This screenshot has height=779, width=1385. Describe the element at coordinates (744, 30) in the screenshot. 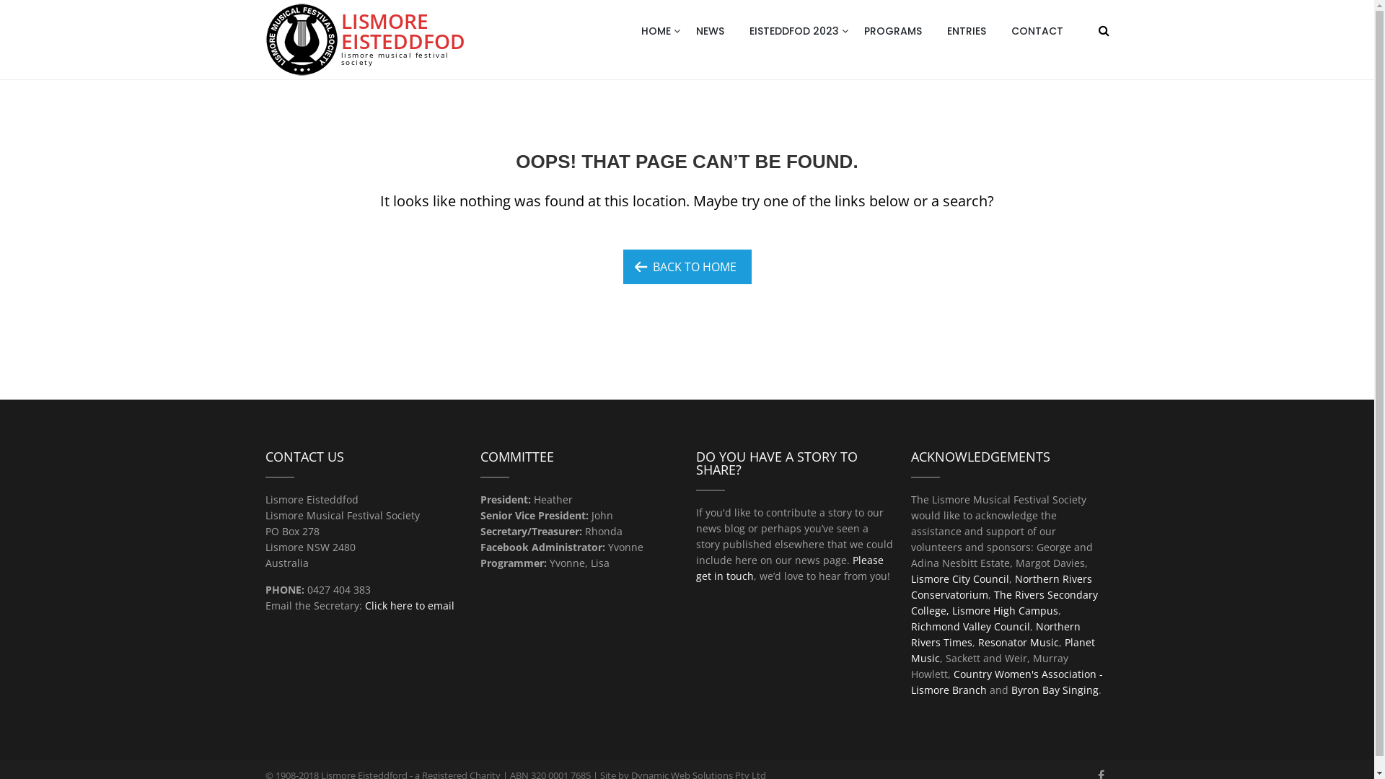

I see `'EISTEDDFOD 2023'` at that location.